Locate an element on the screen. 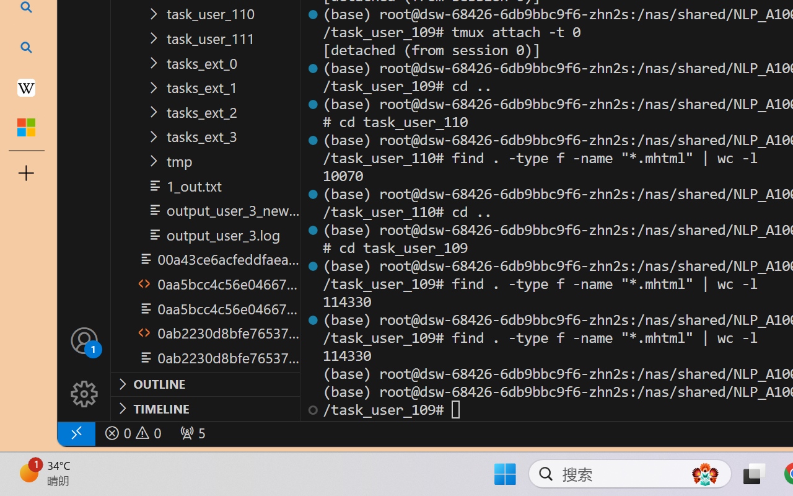  'Earth - Wikipedia' is located at coordinates (26, 87).